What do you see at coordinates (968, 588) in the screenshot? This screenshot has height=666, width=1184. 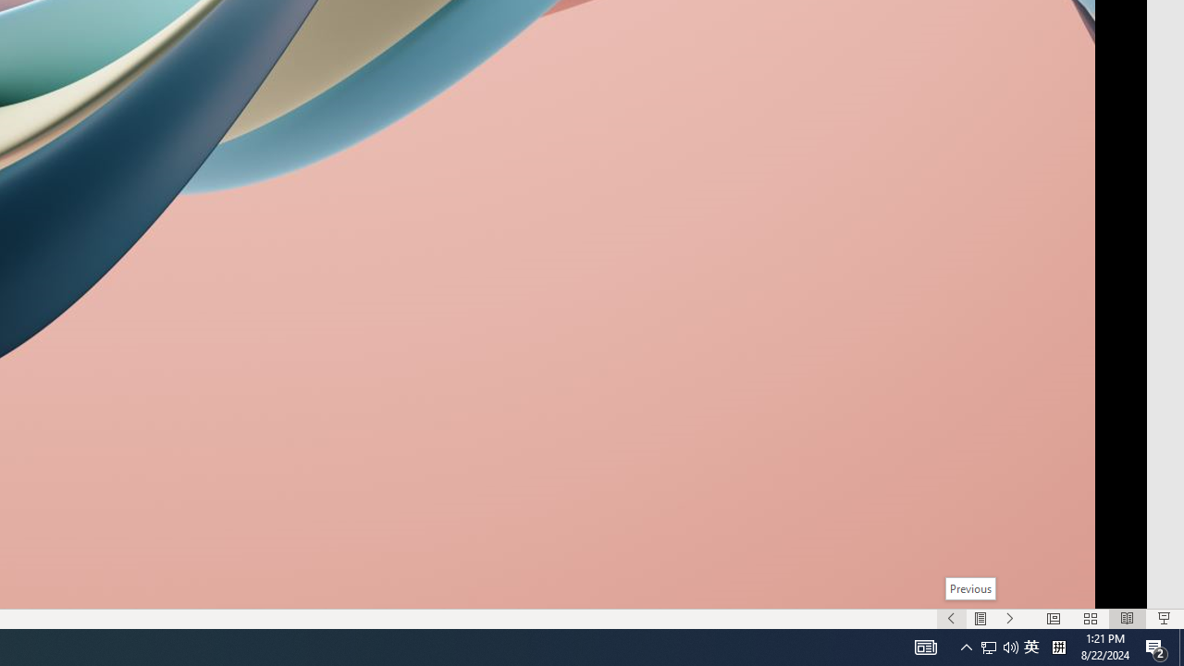 I see `'Previous'` at bounding box center [968, 588].